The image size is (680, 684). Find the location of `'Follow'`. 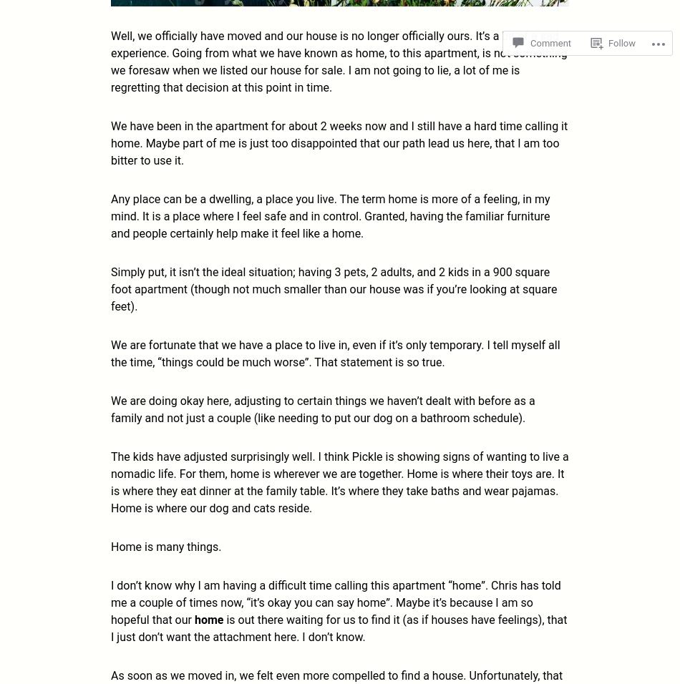

'Follow' is located at coordinates (621, 42).